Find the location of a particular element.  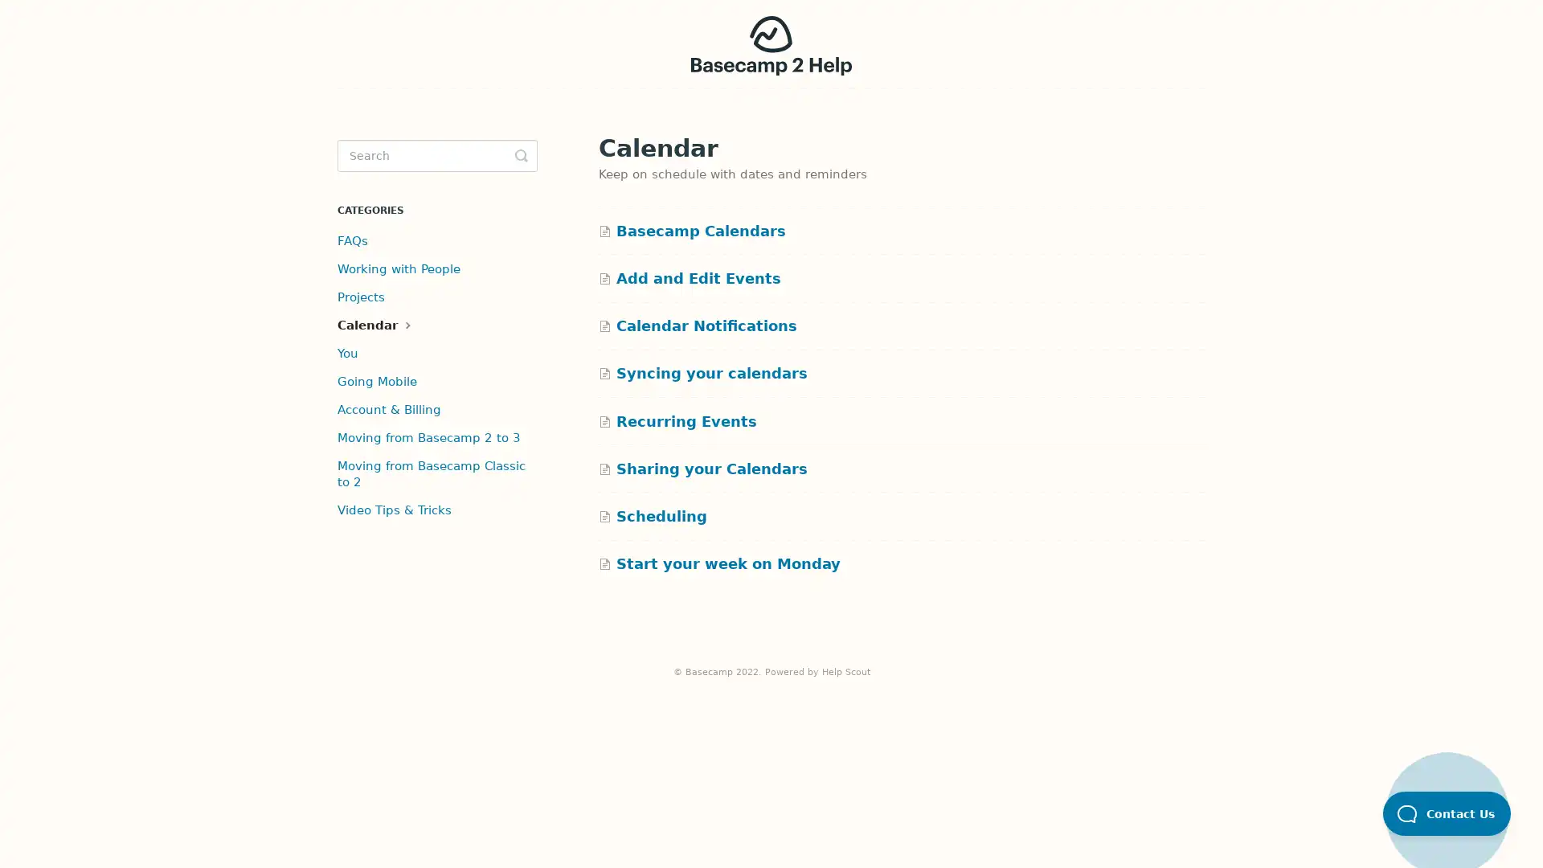

Toggle Search is located at coordinates (521, 155).